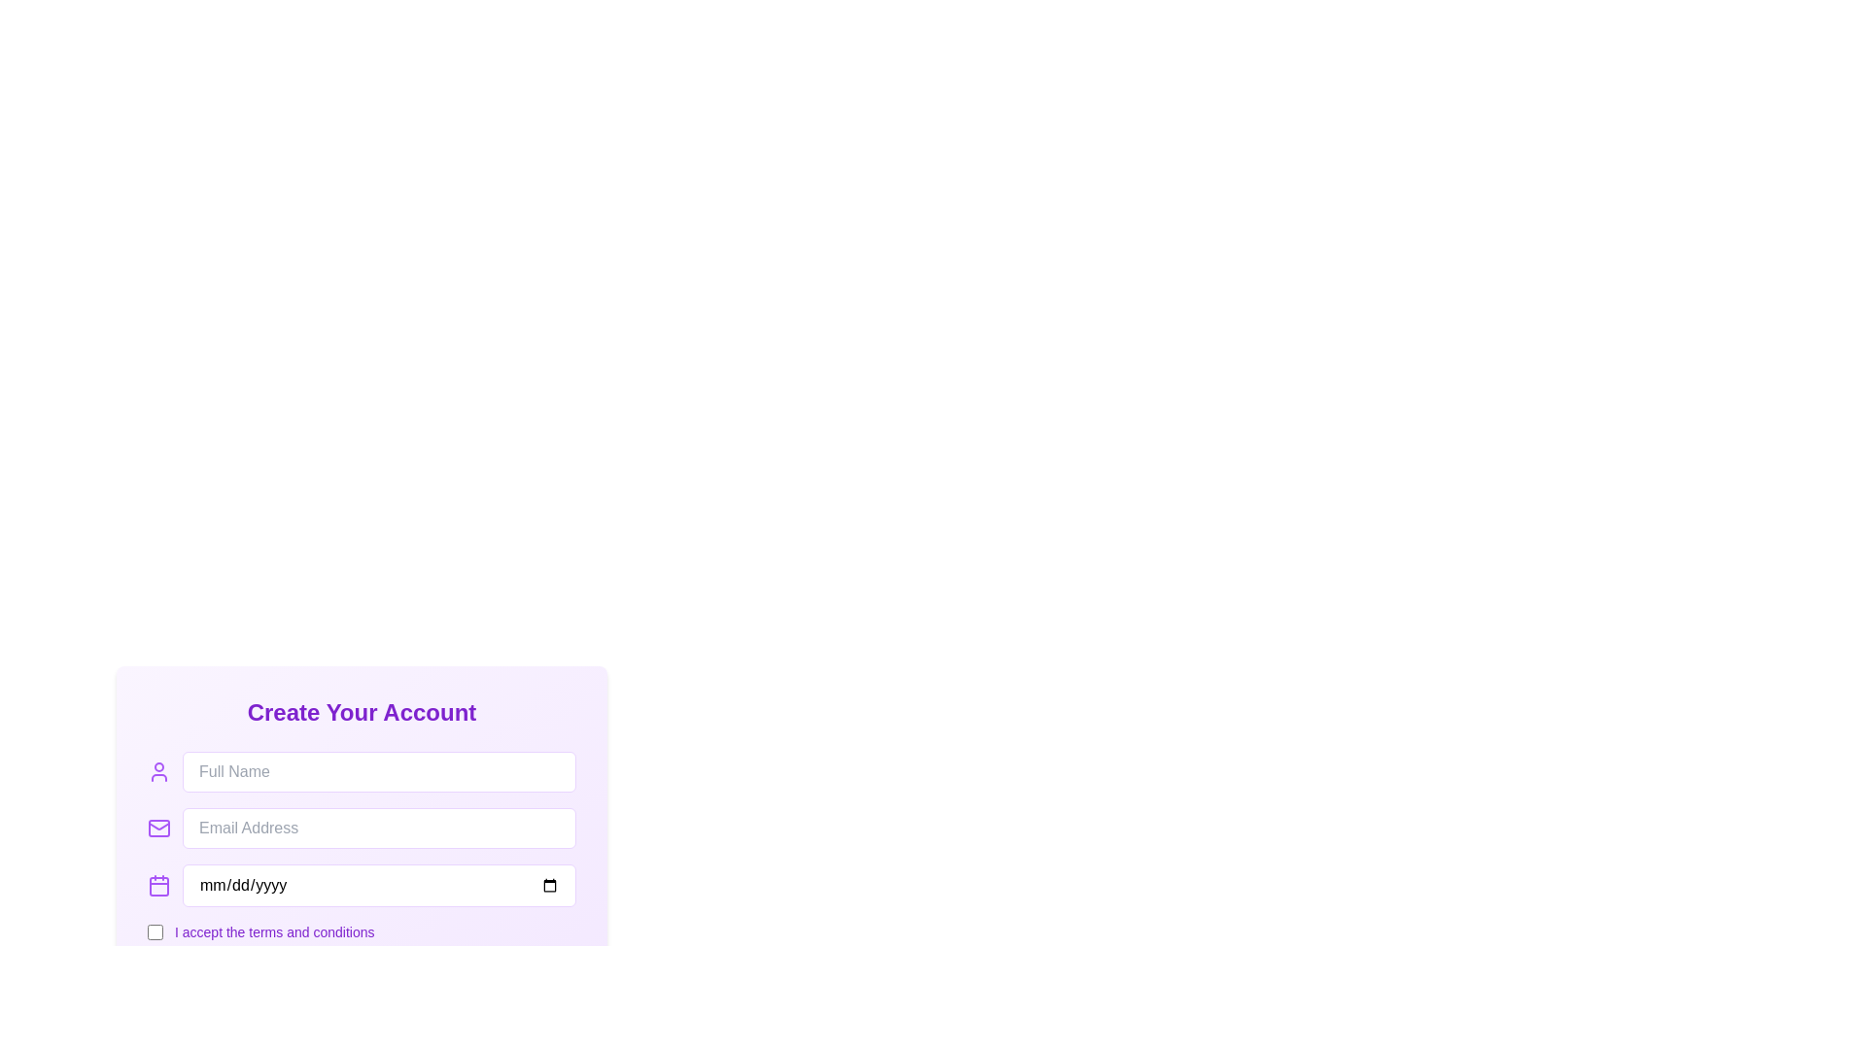 This screenshot has width=1866, height=1049. Describe the element at coordinates (362, 931) in the screenshot. I see `the text label 'I accept the terms and conditions' of the checkbox` at that location.